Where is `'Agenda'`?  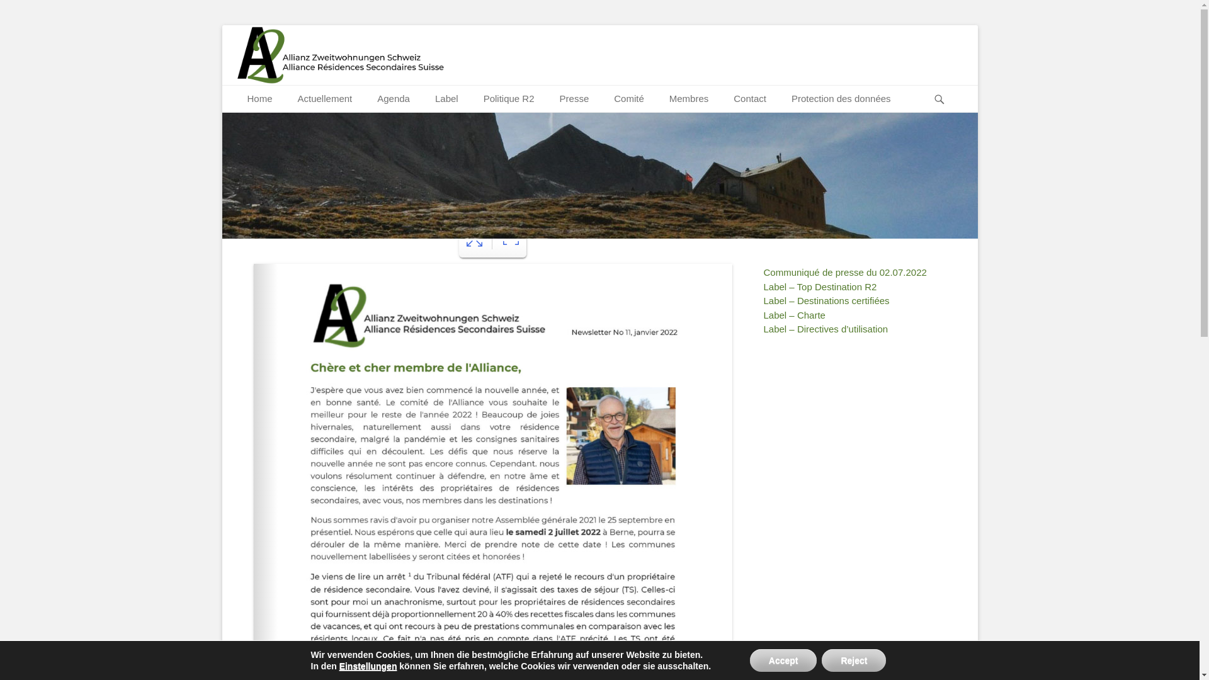 'Agenda' is located at coordinates (364, 98).